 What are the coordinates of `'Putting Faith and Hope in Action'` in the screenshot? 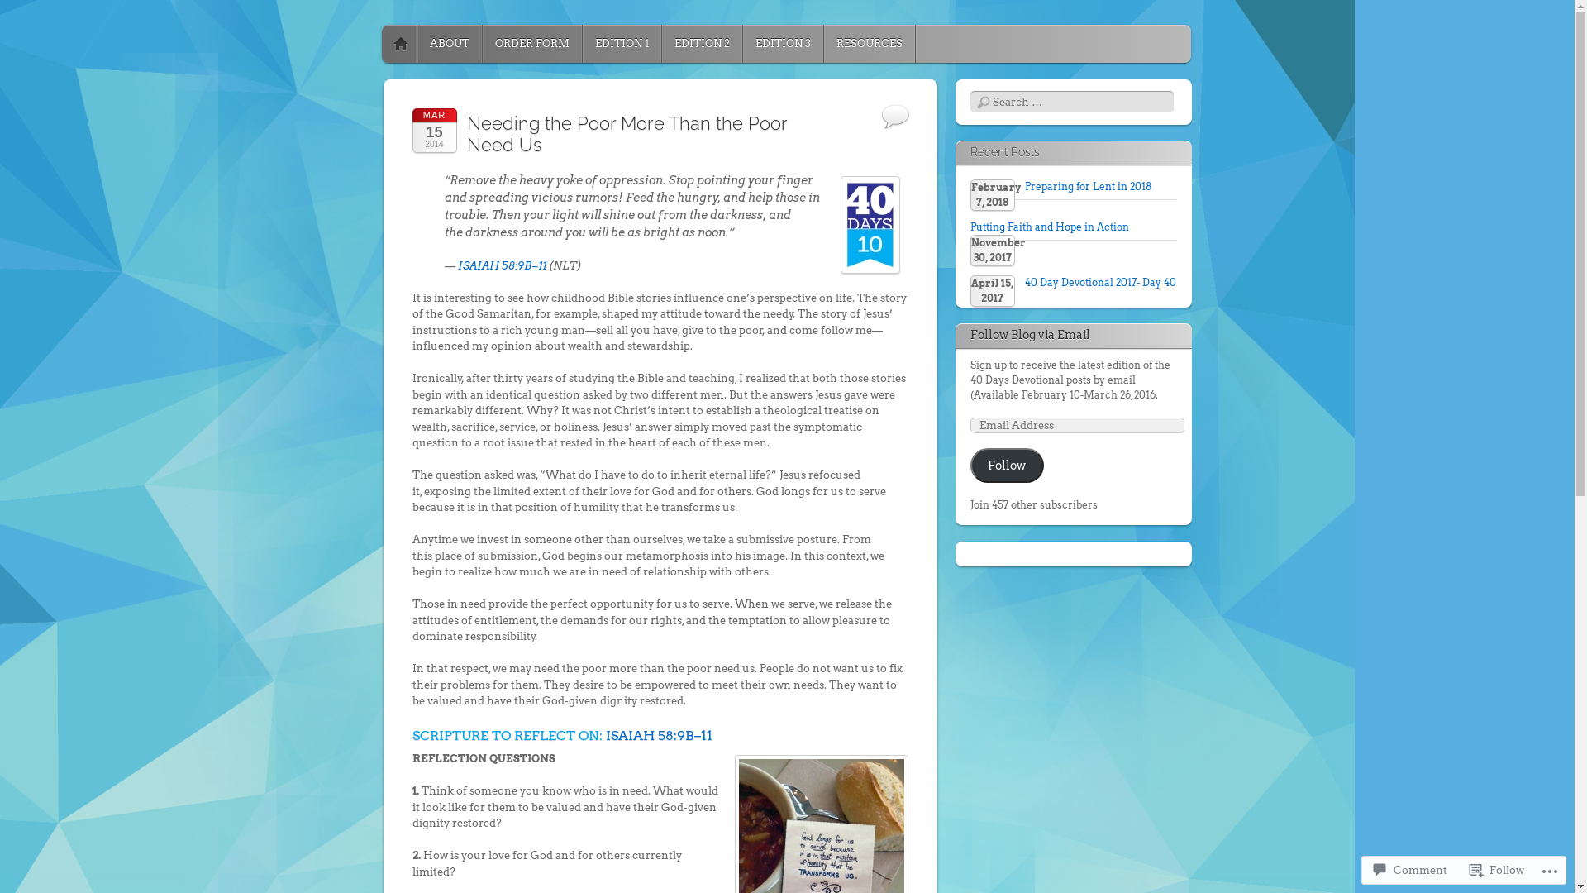 It's located at (1049, 227).